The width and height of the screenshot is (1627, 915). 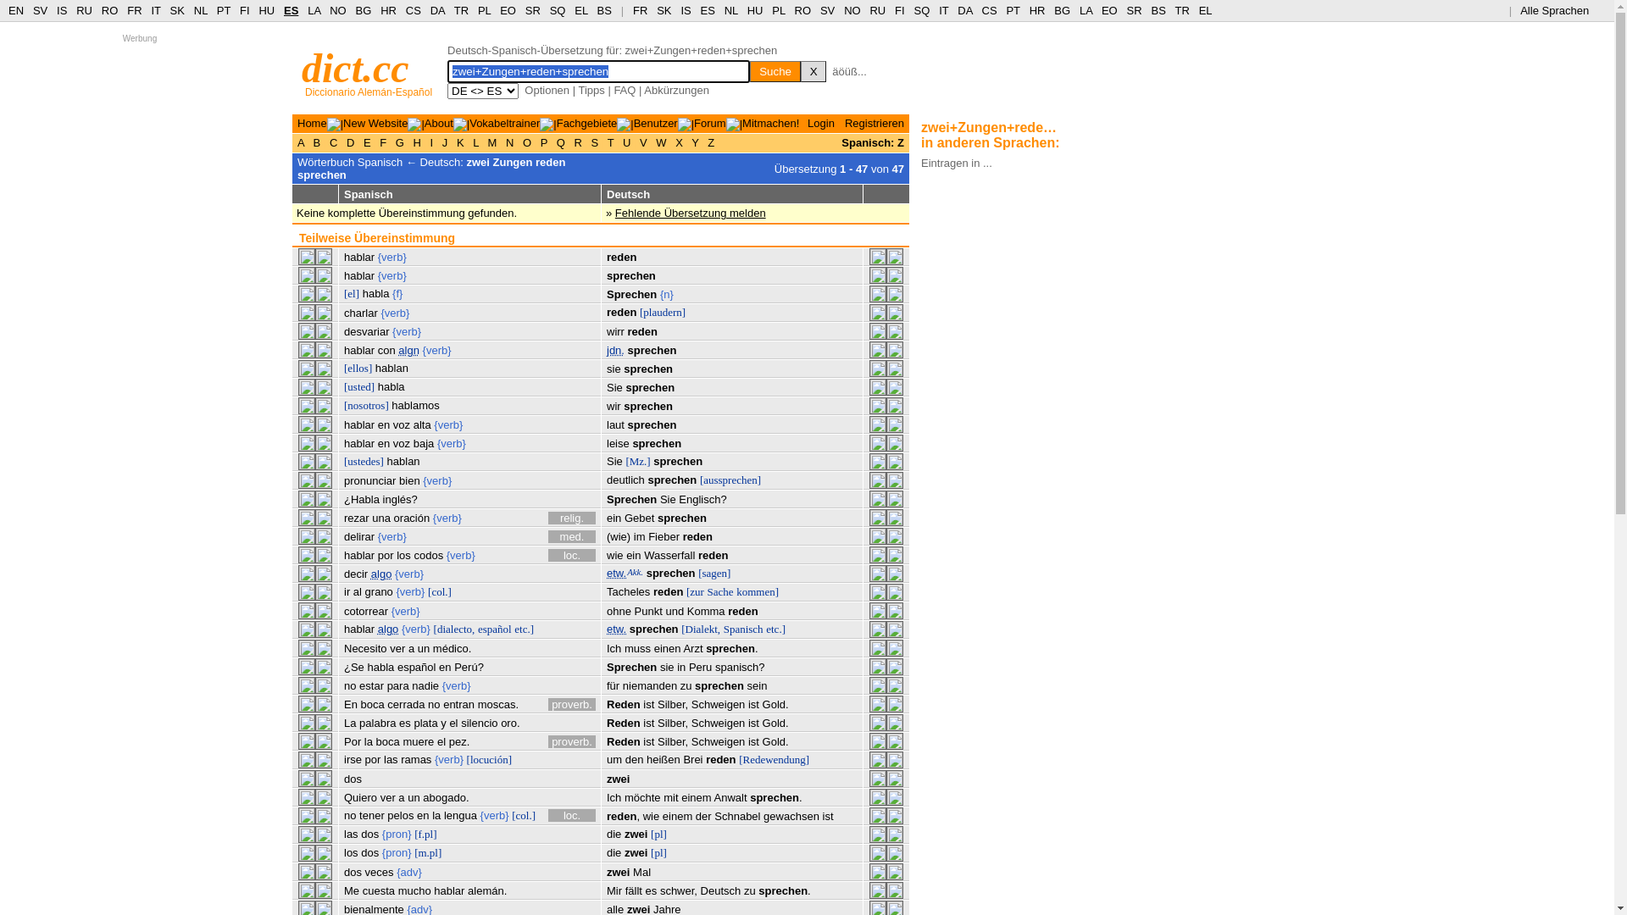 What do you see at coordinates (594, 141) in the screenshot?
I see `'S'` at bounding box center [594, 141].